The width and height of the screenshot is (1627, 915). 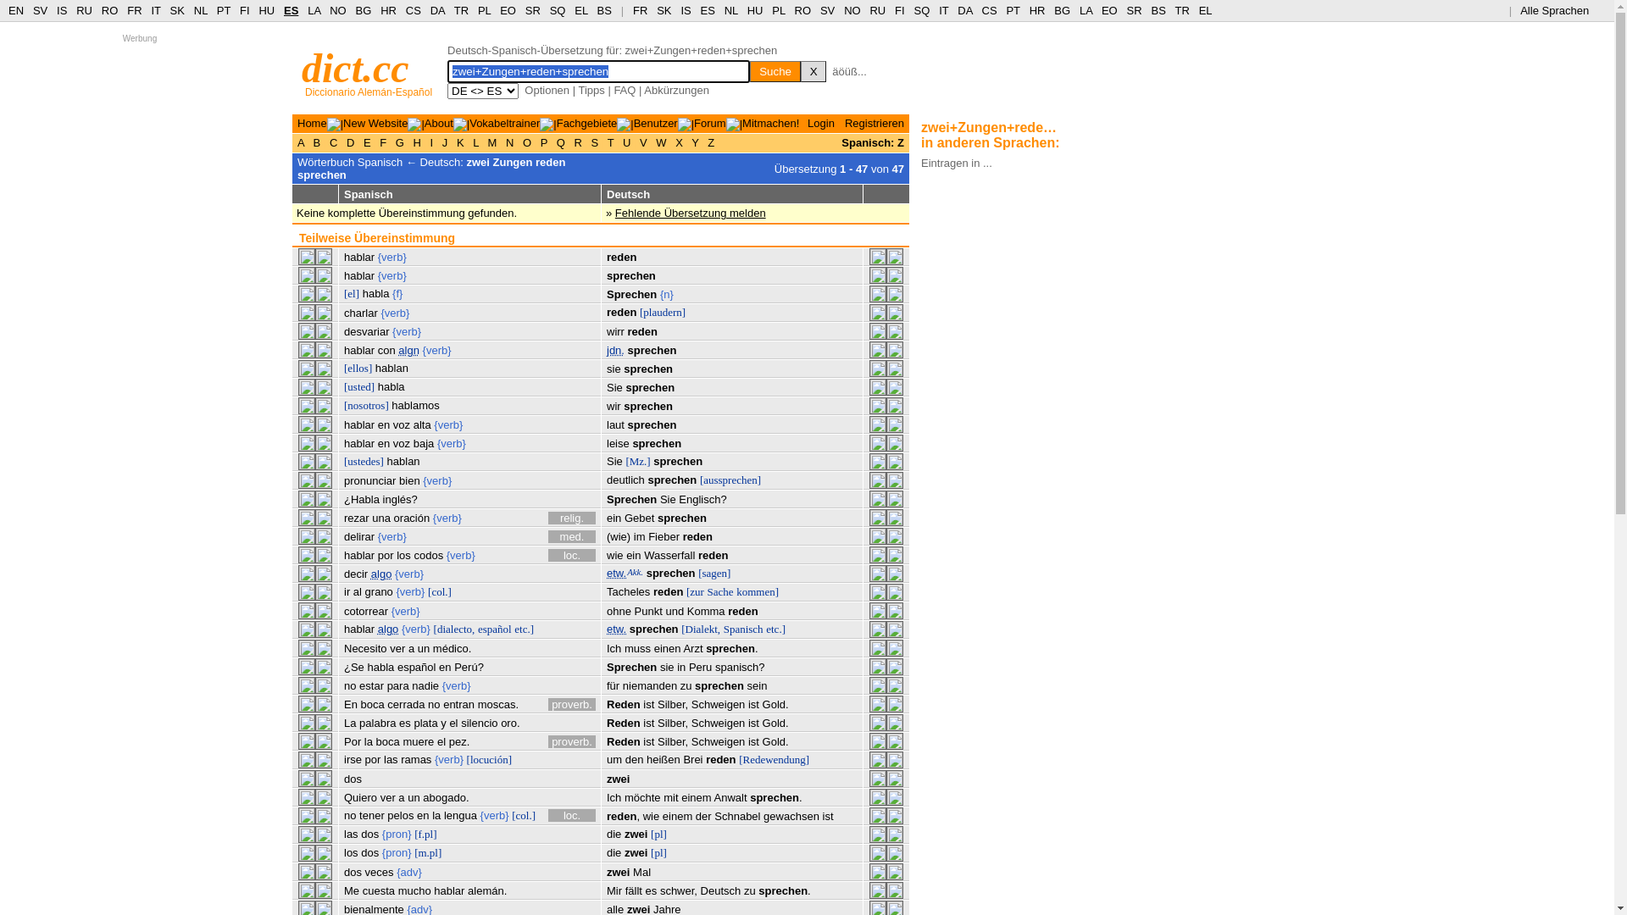 What do you see at coordinates (594, 141) in the screenshot?
I see `'S'` at bounding box center [594, 141].